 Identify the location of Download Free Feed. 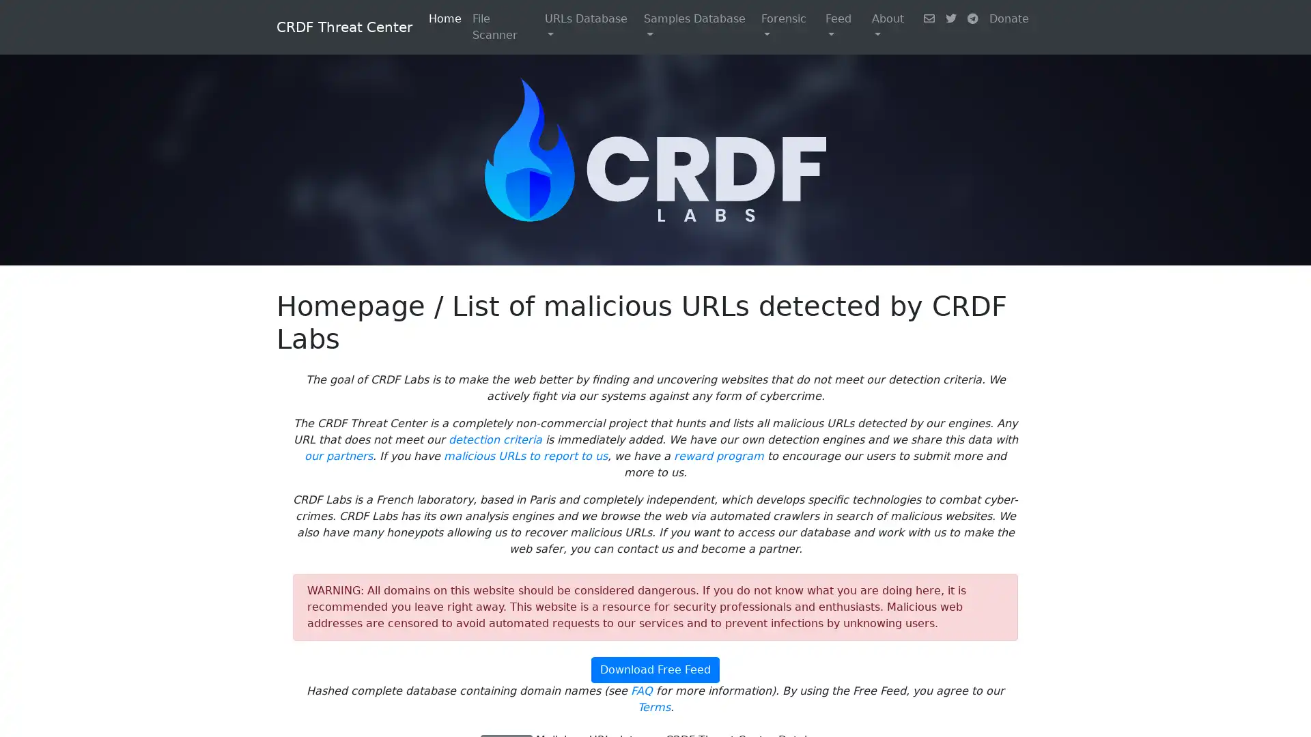
(655, 669).